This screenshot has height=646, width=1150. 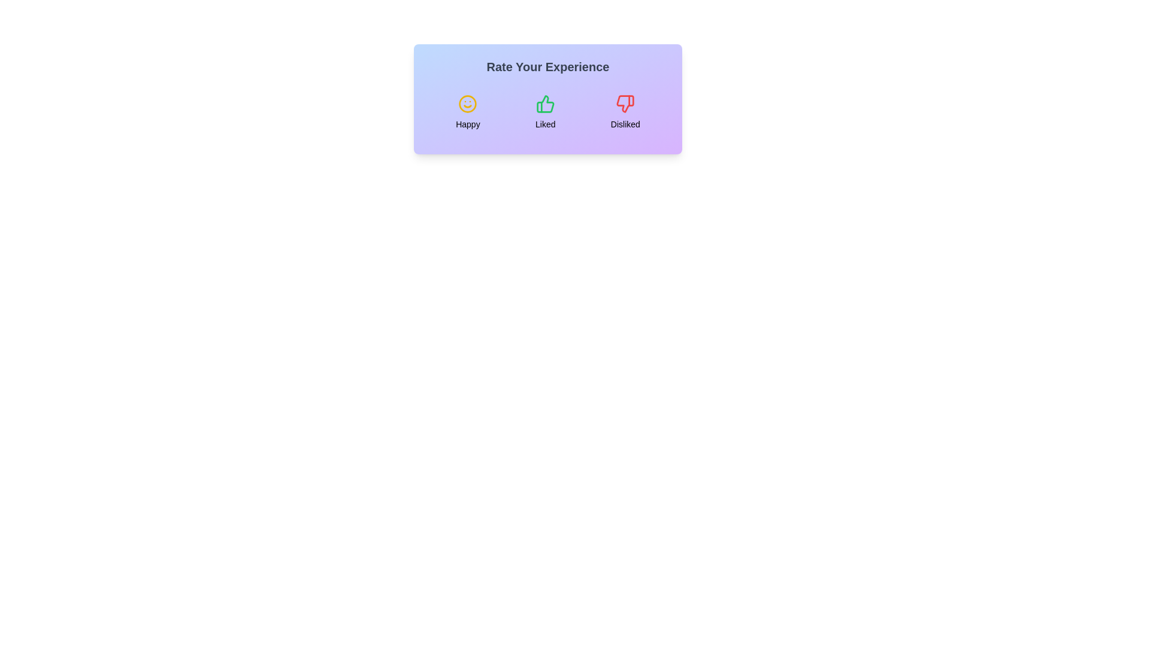 I want to click on the leftmost 'Happy' feedback icon under the 'Rate Your Experience' heading to provide feedback, so click(x=467, y=103).